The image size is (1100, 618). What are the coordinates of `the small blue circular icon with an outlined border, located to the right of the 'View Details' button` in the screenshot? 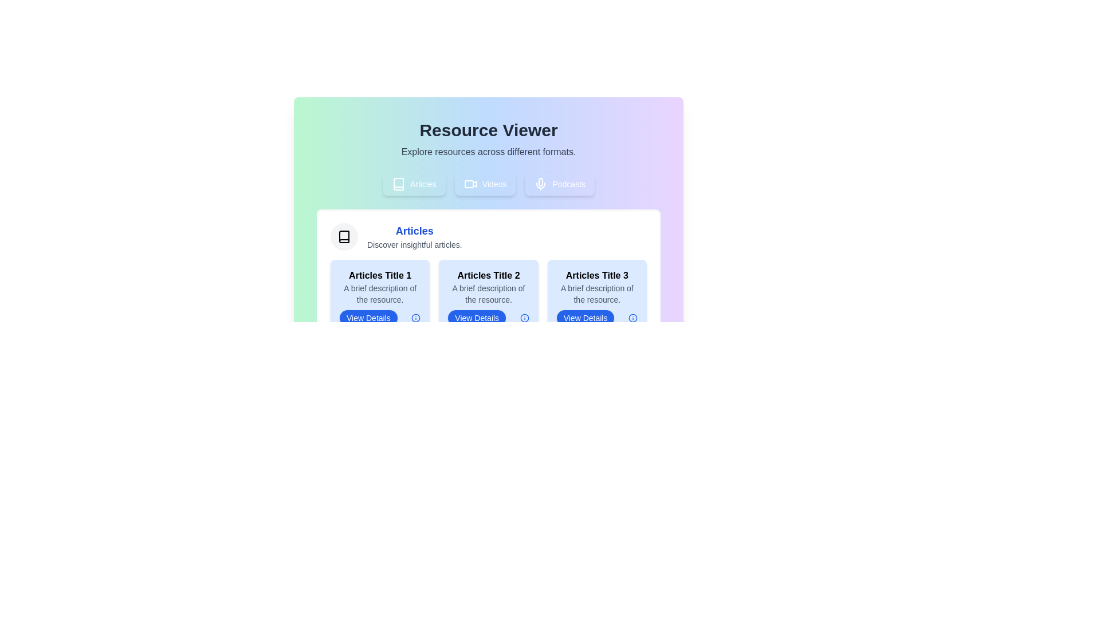 It's located at (415, 318).